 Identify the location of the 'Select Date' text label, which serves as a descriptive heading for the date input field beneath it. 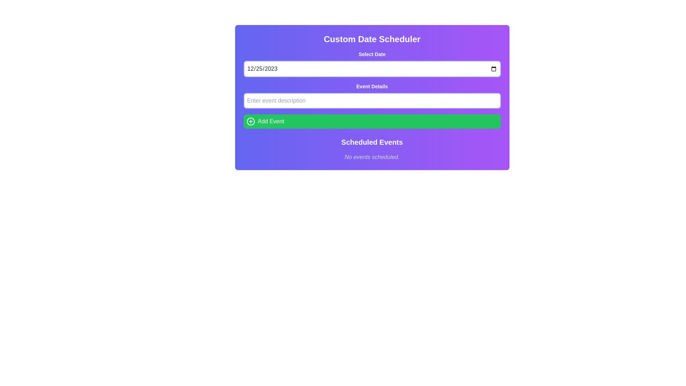
(372, 54).